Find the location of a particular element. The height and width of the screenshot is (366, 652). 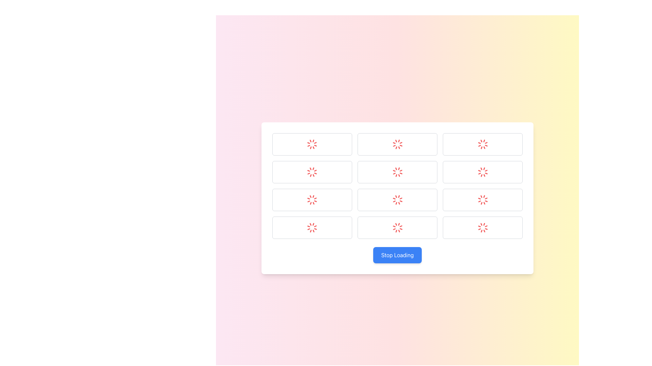

the Loader Indicator located in the middle of the bottom-most row of the grid layout, specifically in the fourth row and second column, to indicate that a loading operation is in progress is located at coordinates (397, 227).